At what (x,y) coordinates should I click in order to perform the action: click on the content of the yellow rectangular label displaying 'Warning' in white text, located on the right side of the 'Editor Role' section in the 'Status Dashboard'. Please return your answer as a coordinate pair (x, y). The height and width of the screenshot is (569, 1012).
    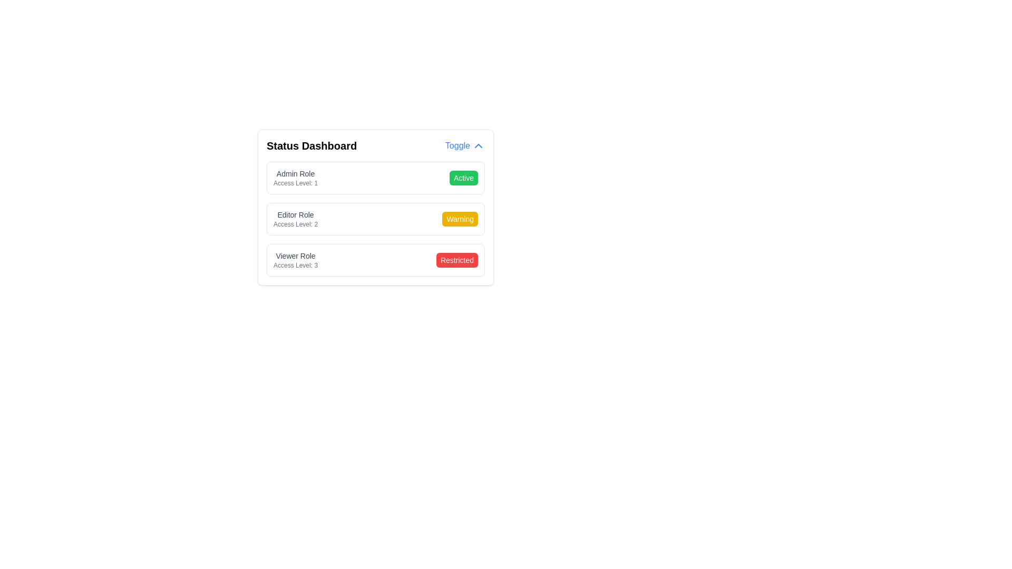
    Looking at the image, I should click on (460, 219).